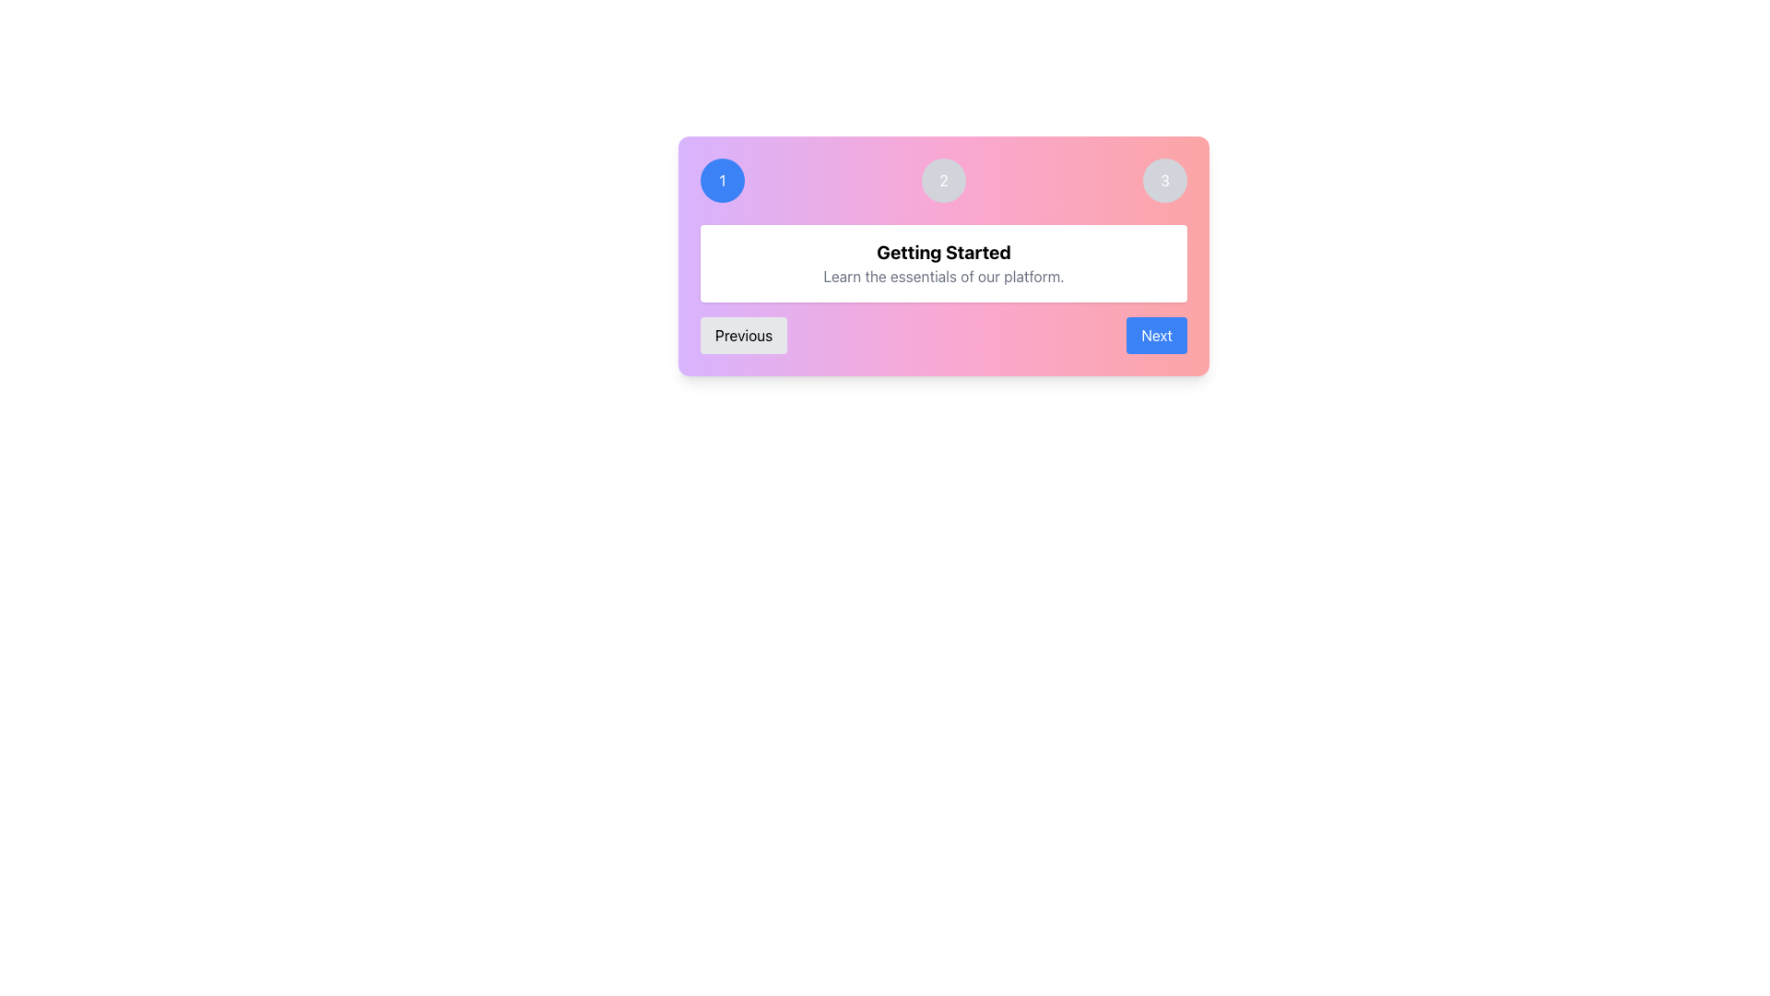 The image size is (1770, 996). Describe the element at coordinates (721, 181) in the screenshot. I see `the first Step indicator button, which visually represents step 1 in the multi-step process, located on the leftmost side of the top interface above the text 'Getting Started'` at that location.